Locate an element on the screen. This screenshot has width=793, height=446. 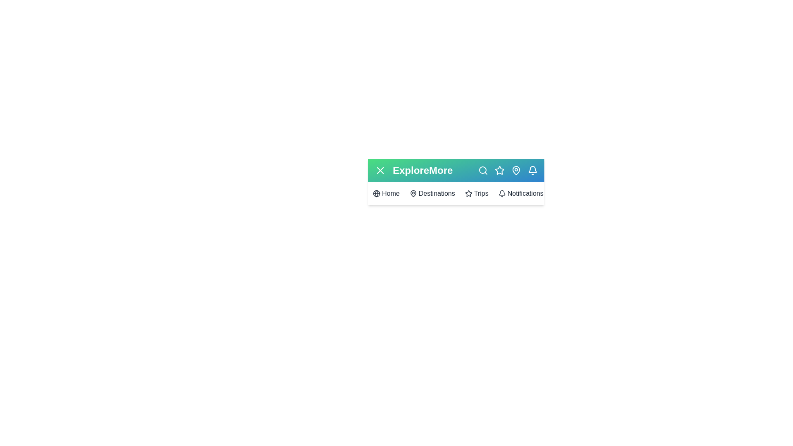
the 'Trips' menu item to navigate to the 'Trips' section is located at coordinates (476, 194).